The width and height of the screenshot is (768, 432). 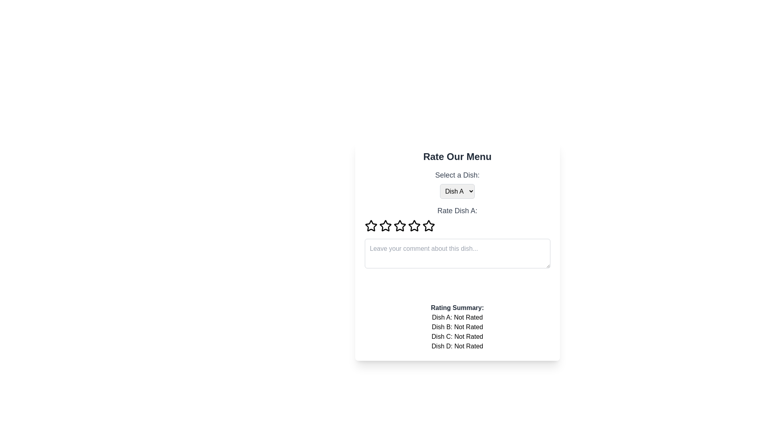 What do you see at coordinates (457, 327) in the screenshot?
I see `the text label that indicates the rating status of Dish B, which is the second item in a vertical list under the 'Rating Summary:' heading` at bounding box center [457, 327].